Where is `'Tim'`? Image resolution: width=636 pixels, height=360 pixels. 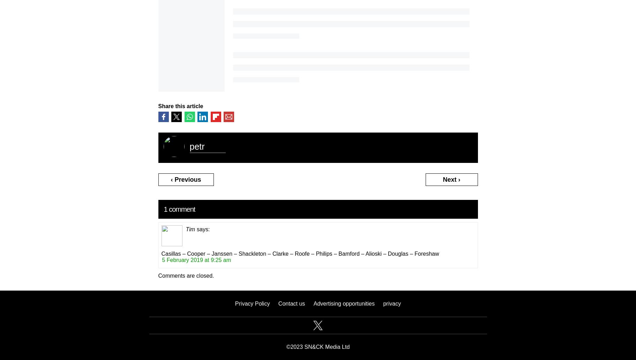 'Tim' is located at coordinates (190, 228).